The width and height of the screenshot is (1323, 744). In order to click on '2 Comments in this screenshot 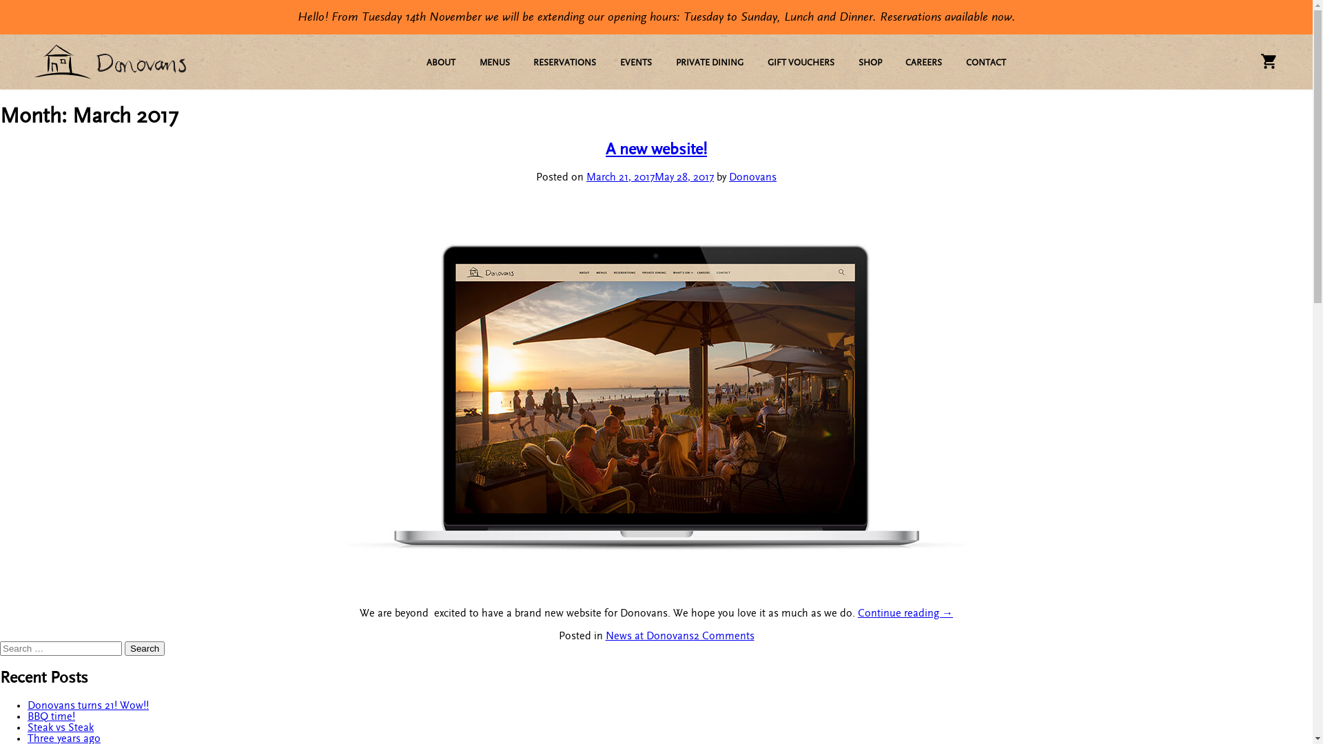, I will do `click(693, 635)`.